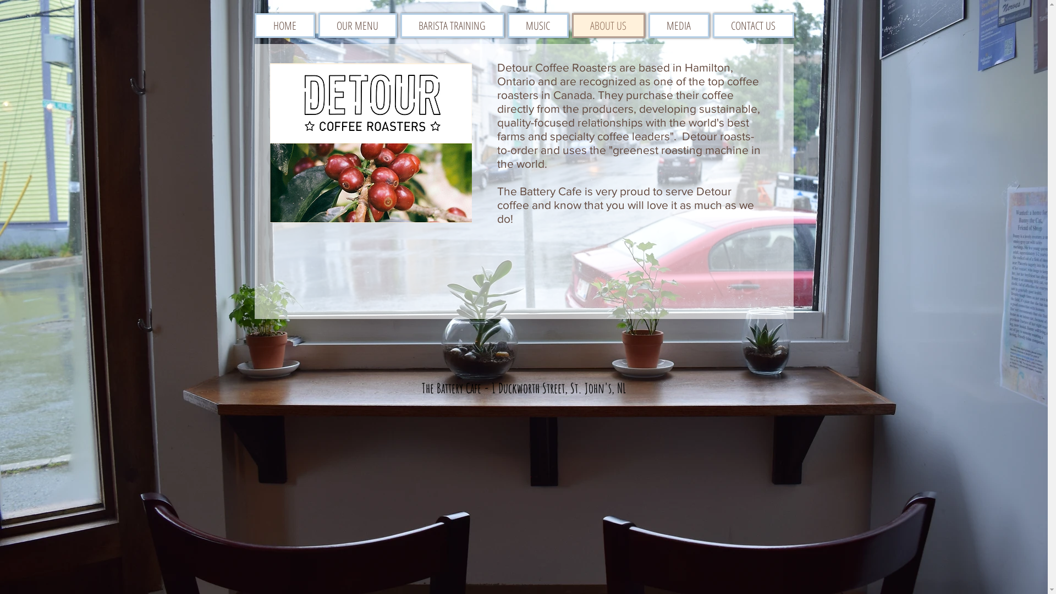  I want to click on 'HOME', so click(284, 25).